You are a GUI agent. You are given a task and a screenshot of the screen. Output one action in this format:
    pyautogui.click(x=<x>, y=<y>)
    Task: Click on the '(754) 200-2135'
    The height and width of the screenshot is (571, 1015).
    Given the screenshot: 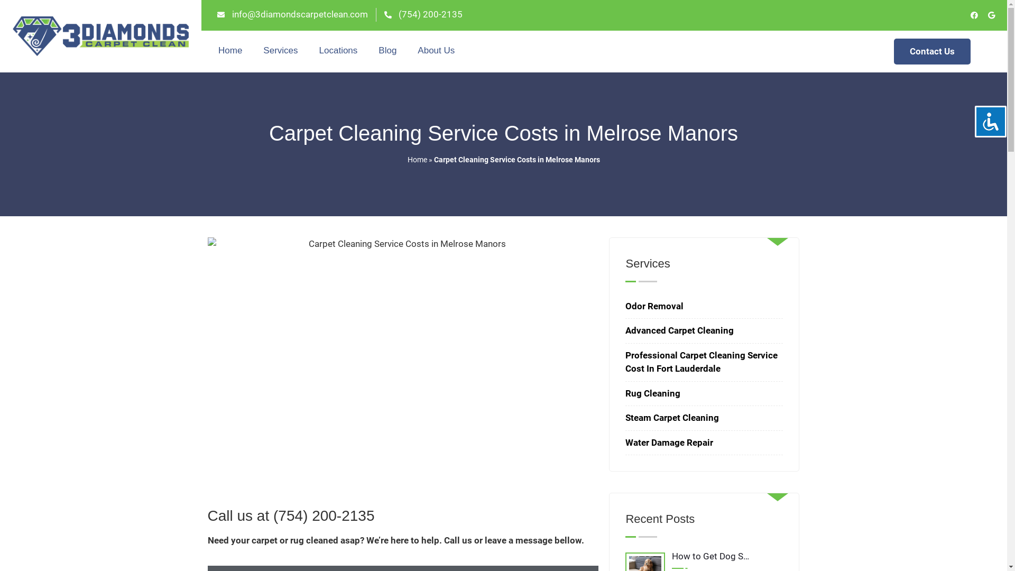 What is the action you would take?
    pyautogui.click(x=423, y=14)
    